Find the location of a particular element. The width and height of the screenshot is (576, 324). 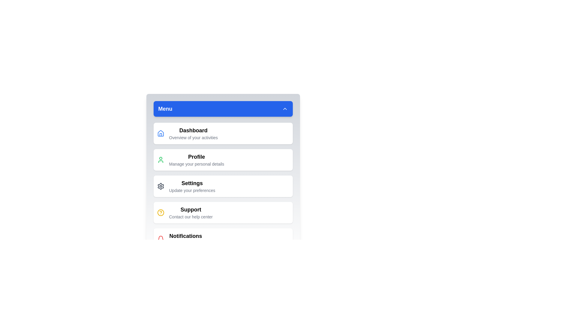

the informational text label located in the 'Support' section of the menu, positioned just below the bold 'Support' heading is located at coordinates (190, 217).